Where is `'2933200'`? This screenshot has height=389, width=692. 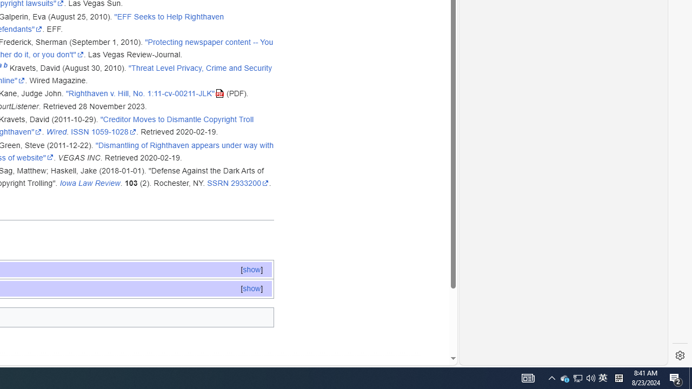 '2933200' is located at coordinates (249, 183).